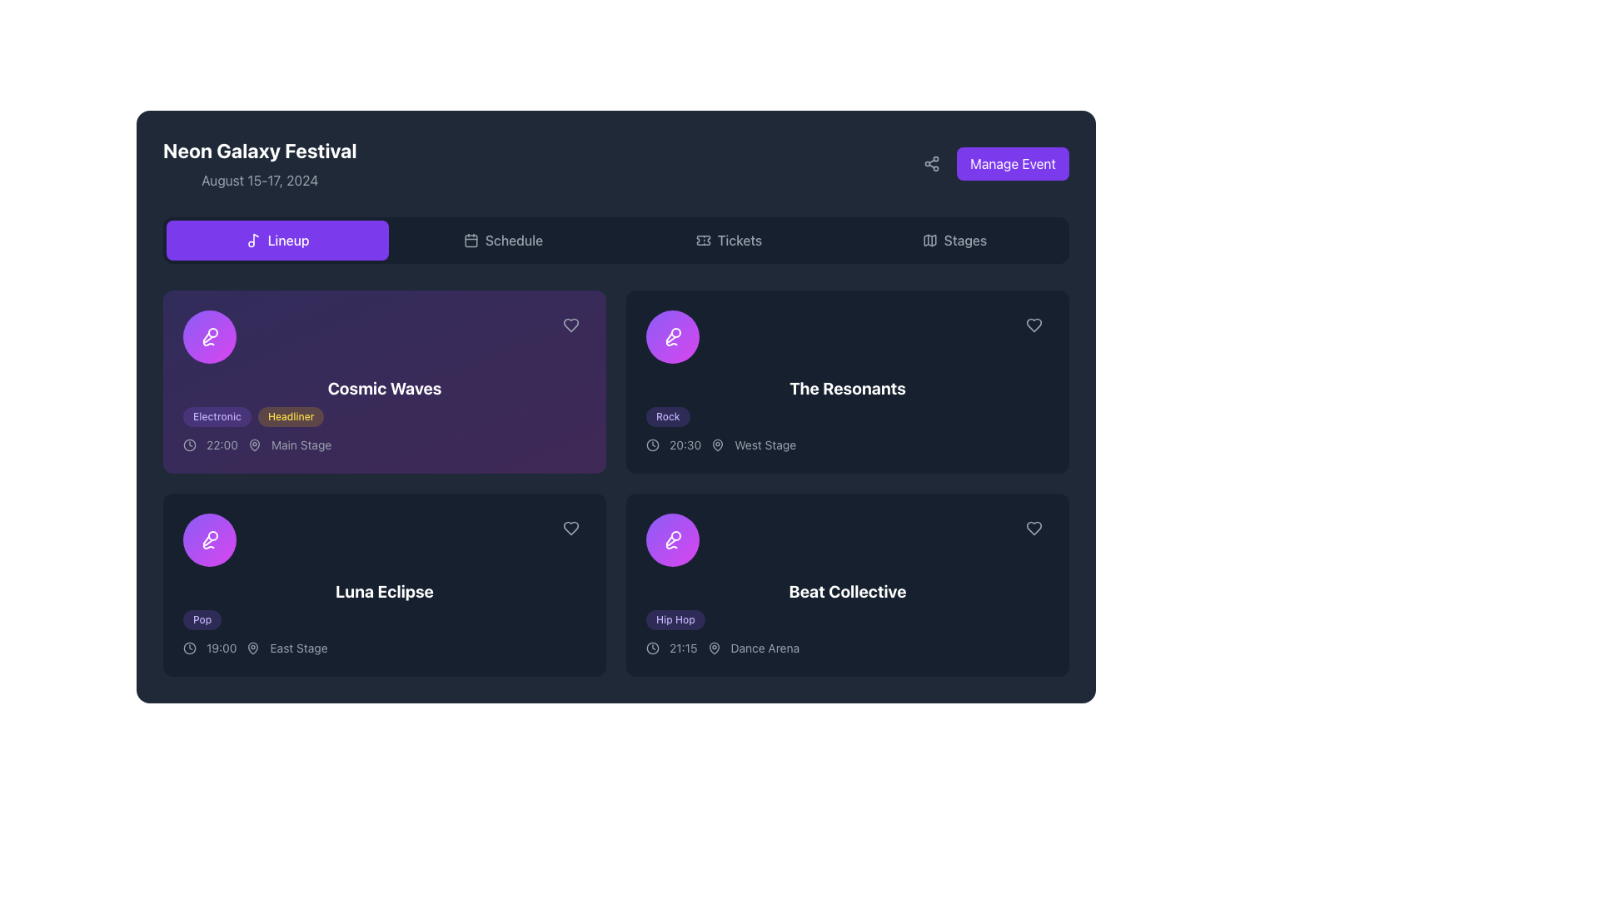 The image size is (1599, 899). What do you see at coordinates (1034, 325) in the screenshot?
I see `the favorite icon located at the top-right corner of the card labeled 'The Resonants' to trigger a visual effect` at bounding box center [1034, 325].